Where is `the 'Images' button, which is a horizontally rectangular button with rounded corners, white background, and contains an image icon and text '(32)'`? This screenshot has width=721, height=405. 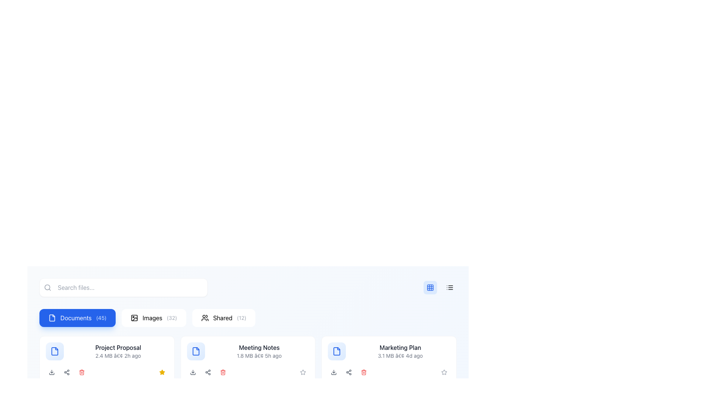
the 'Images' button, which is a horizontally rectangular button with rounded corners, white background, and contains an image icon and text '(32)' is located at coordinates (153, 318).